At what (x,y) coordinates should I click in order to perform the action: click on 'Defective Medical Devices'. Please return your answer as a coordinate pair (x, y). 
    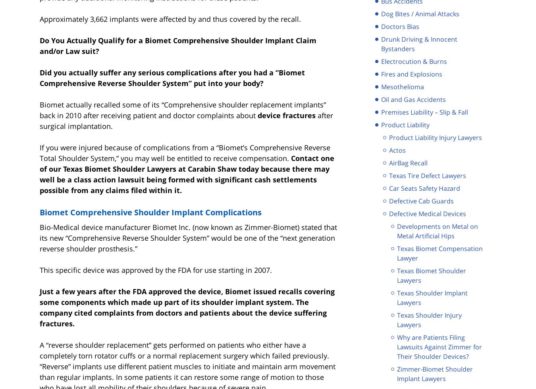
    Looking at the image, I should click on (388, 213).